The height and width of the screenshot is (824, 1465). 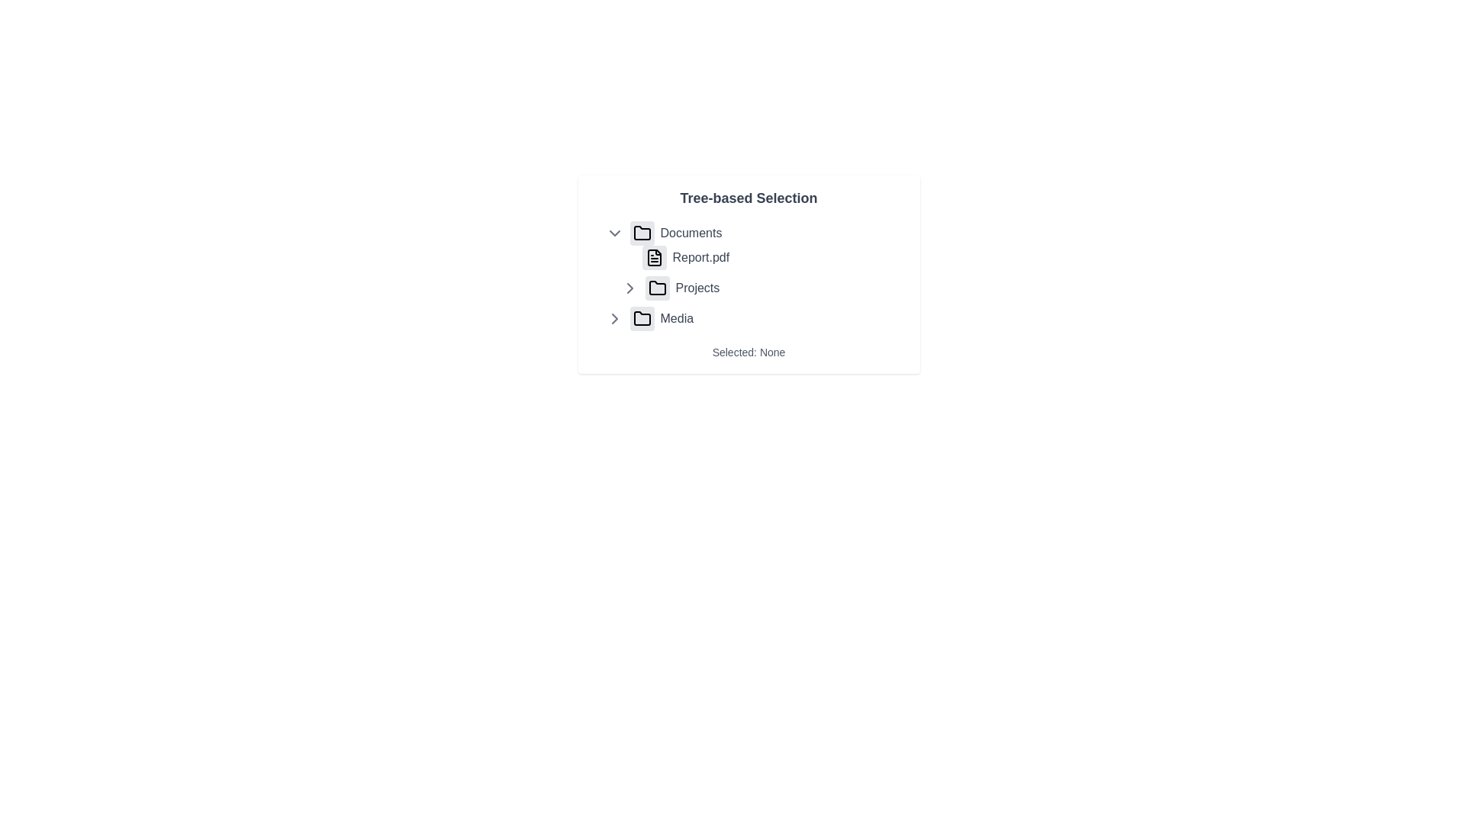 What do you see at coordinates (749, 352) in the screenshot?
I see `the text label displaying 'Selected: None', which is located at the base of the 'Tree-based Selection' card` at bounding box center [749, 352].